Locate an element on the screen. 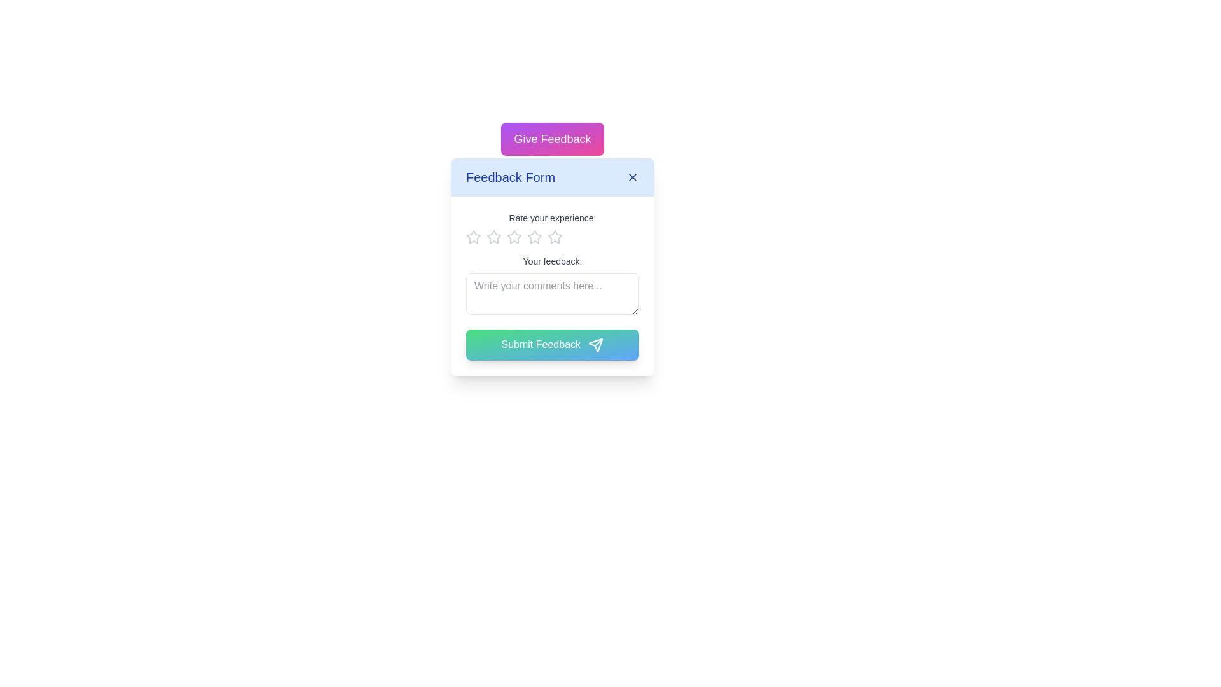  the close button in the top-right corner of the feedback form's header is located at coordinates (632, 177).